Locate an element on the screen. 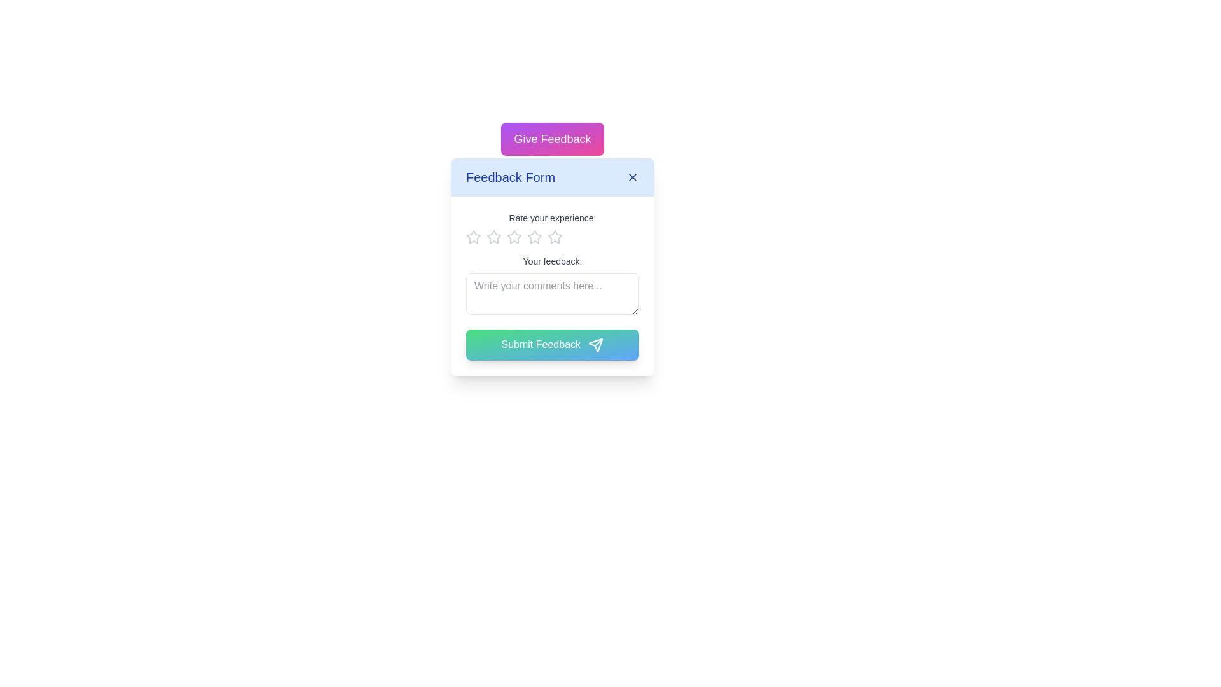  the close button in the top-right corner of the feedback form's header is located at coordinates (632, 177).